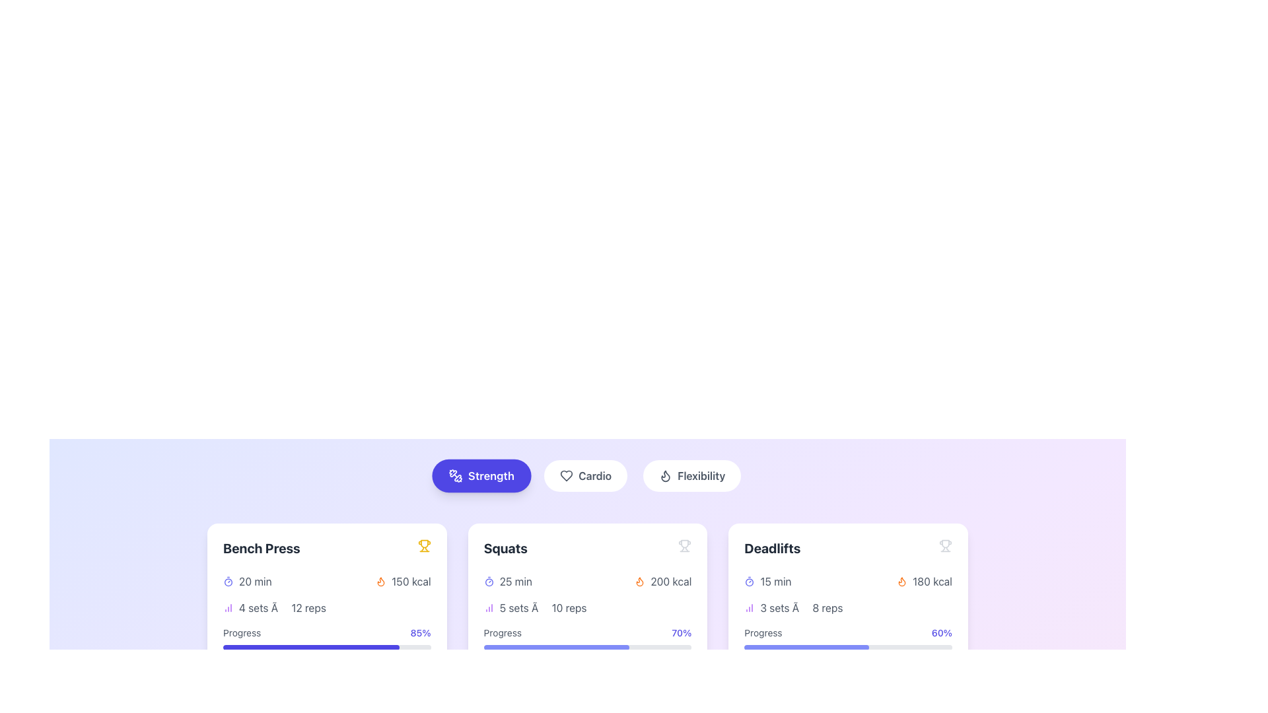  I want to click on the decorative strength icon located to the left of the 'Strength' label inside the purple button, which is the first option in a toggle group, so click(455, 476).